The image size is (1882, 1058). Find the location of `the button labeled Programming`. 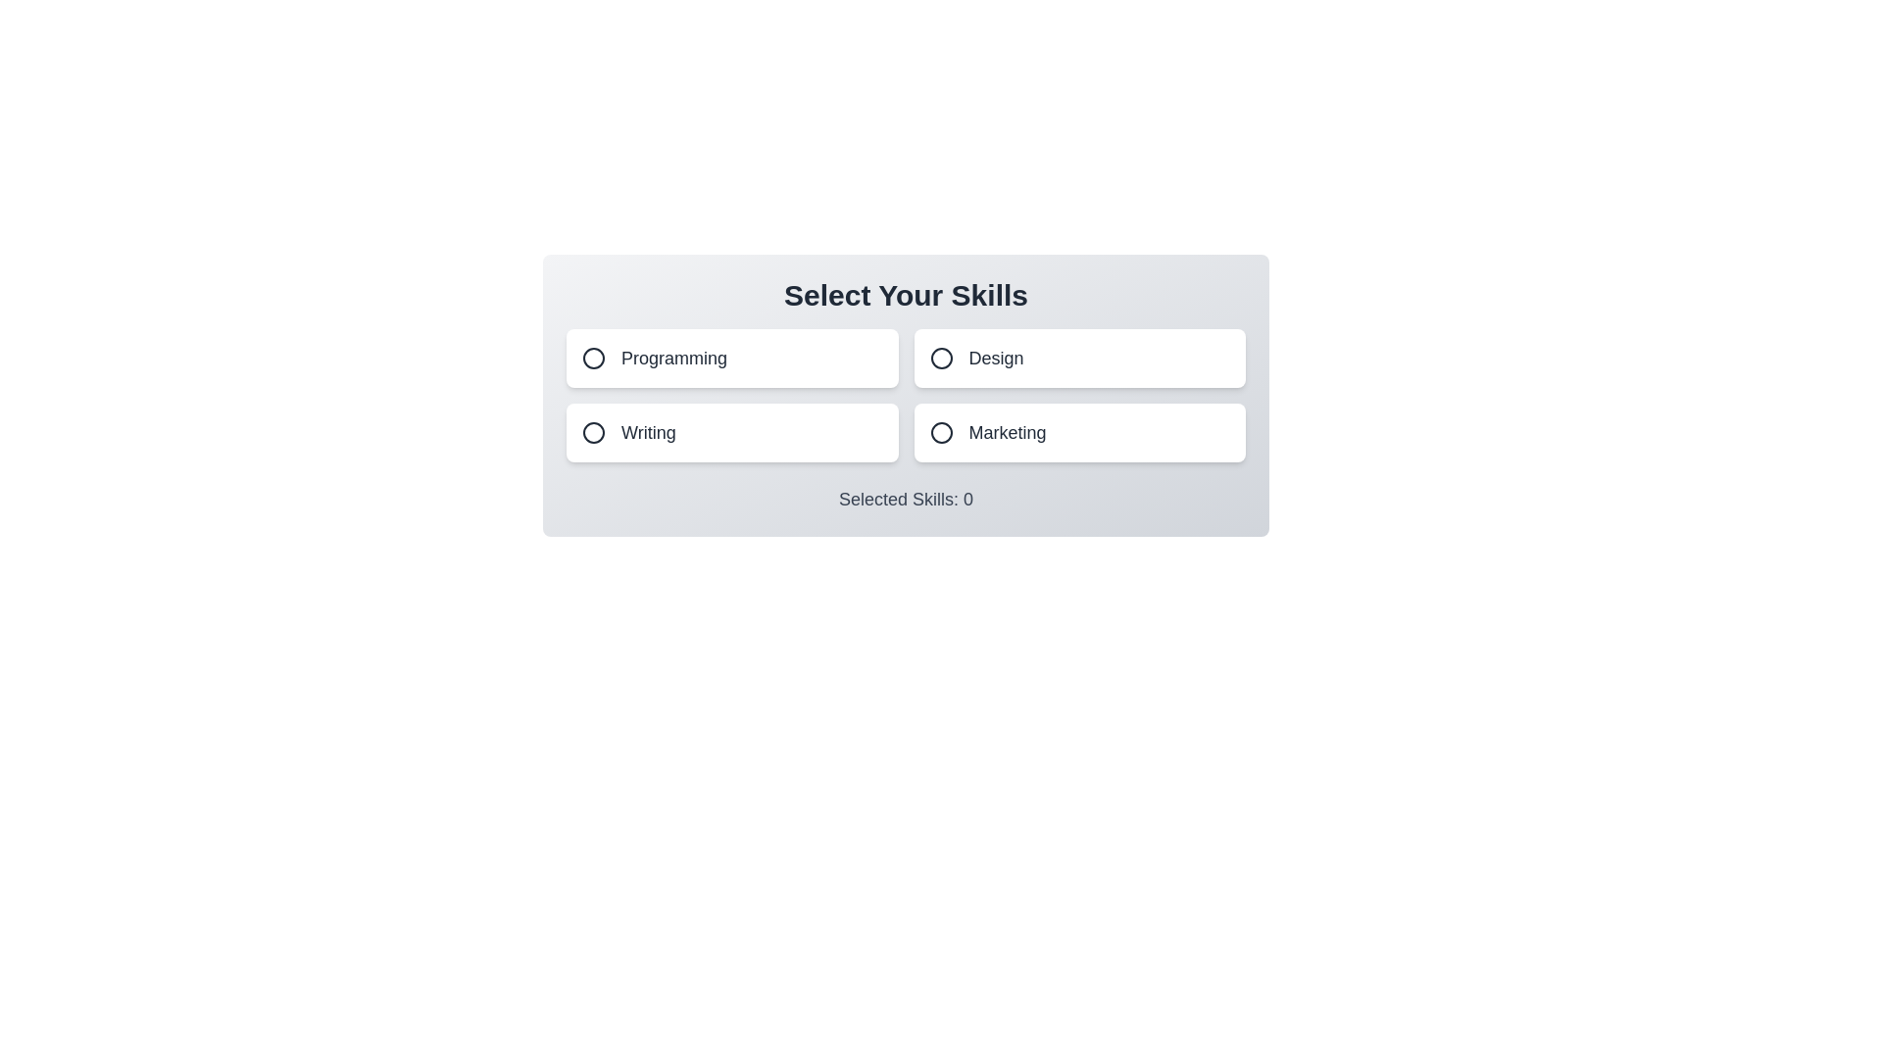

the button labeled Programming is located at coordinates (731, 359).